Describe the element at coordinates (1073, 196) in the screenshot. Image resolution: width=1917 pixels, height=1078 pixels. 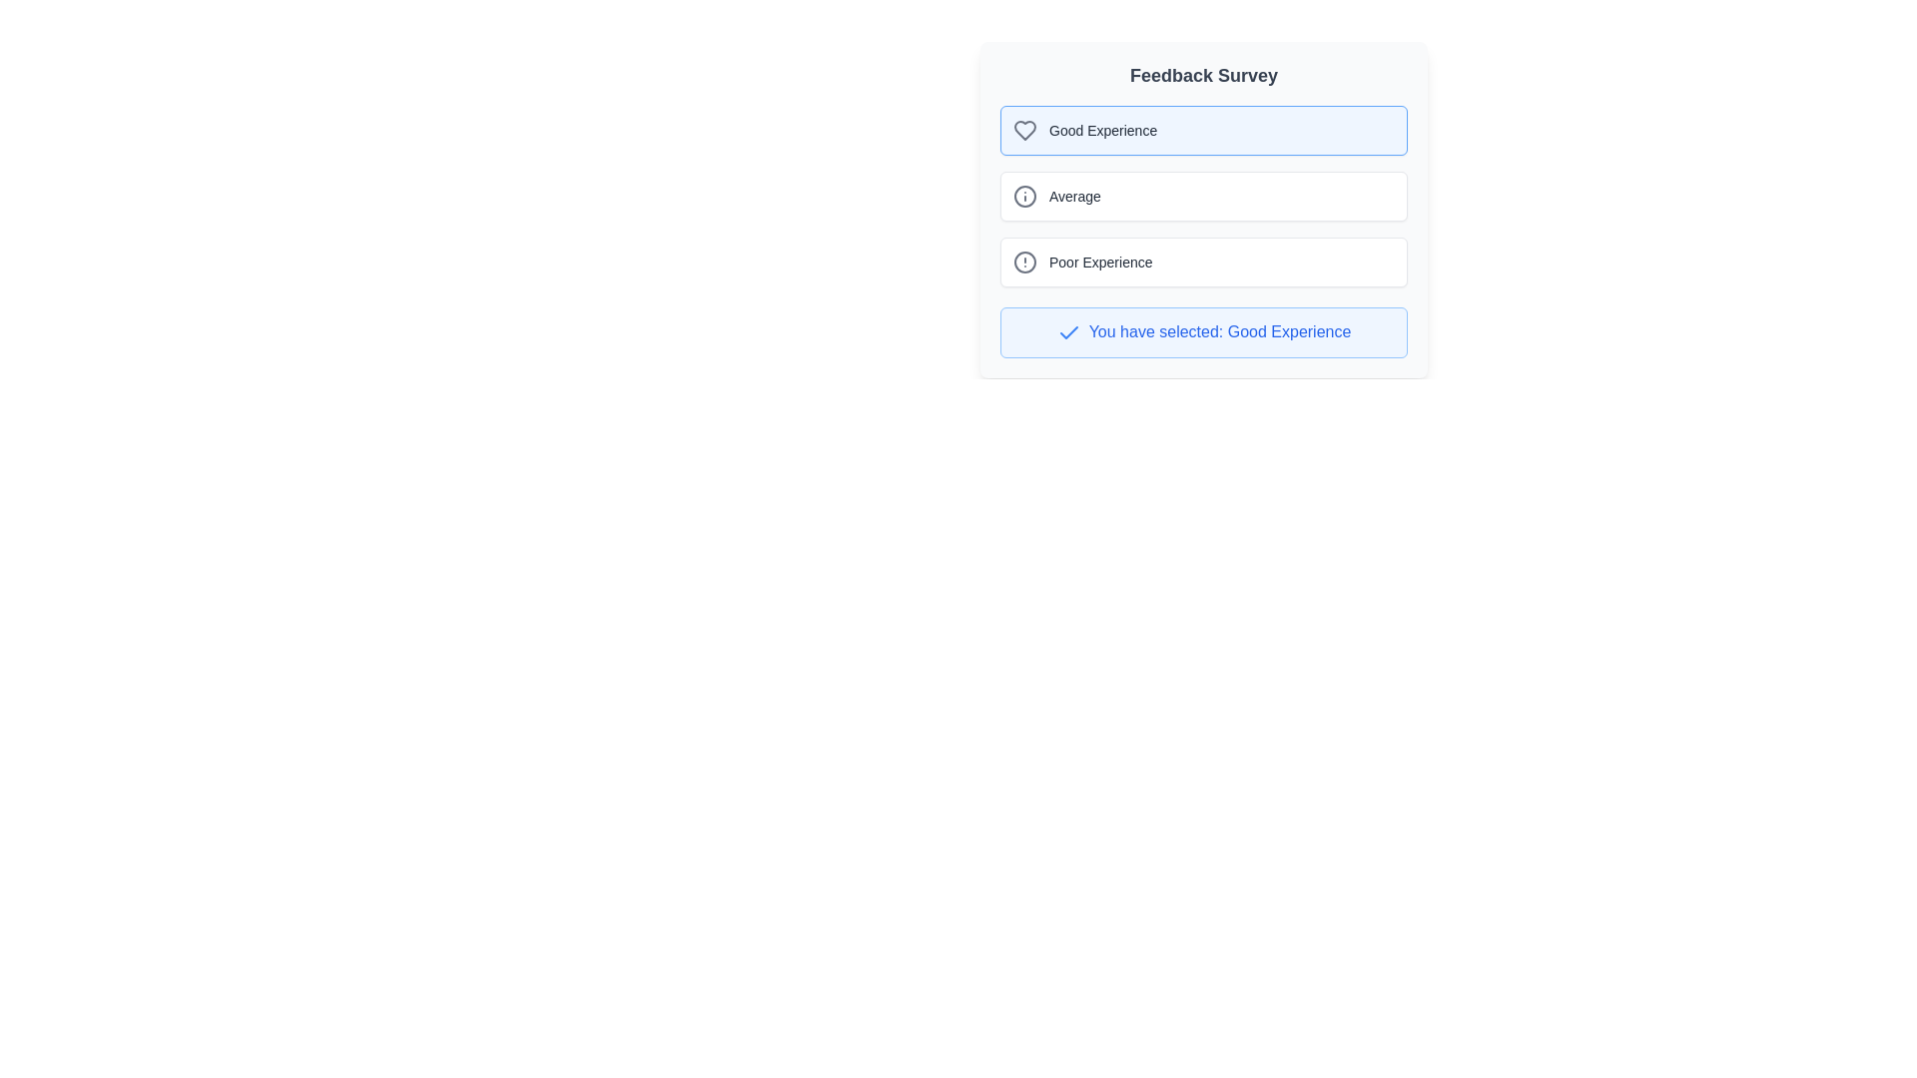
I see `the static text label for 'Average' experience quality in the feedback survey, positioned to the right of the circular 'i' icon` at that location.